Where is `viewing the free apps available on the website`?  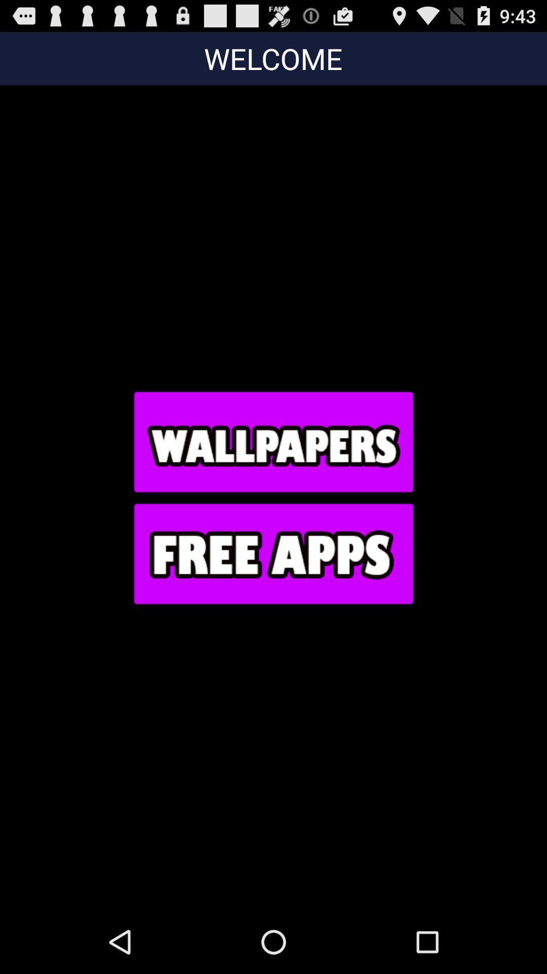 viewing the free apps available on the website is located at coordinates (272, 553).